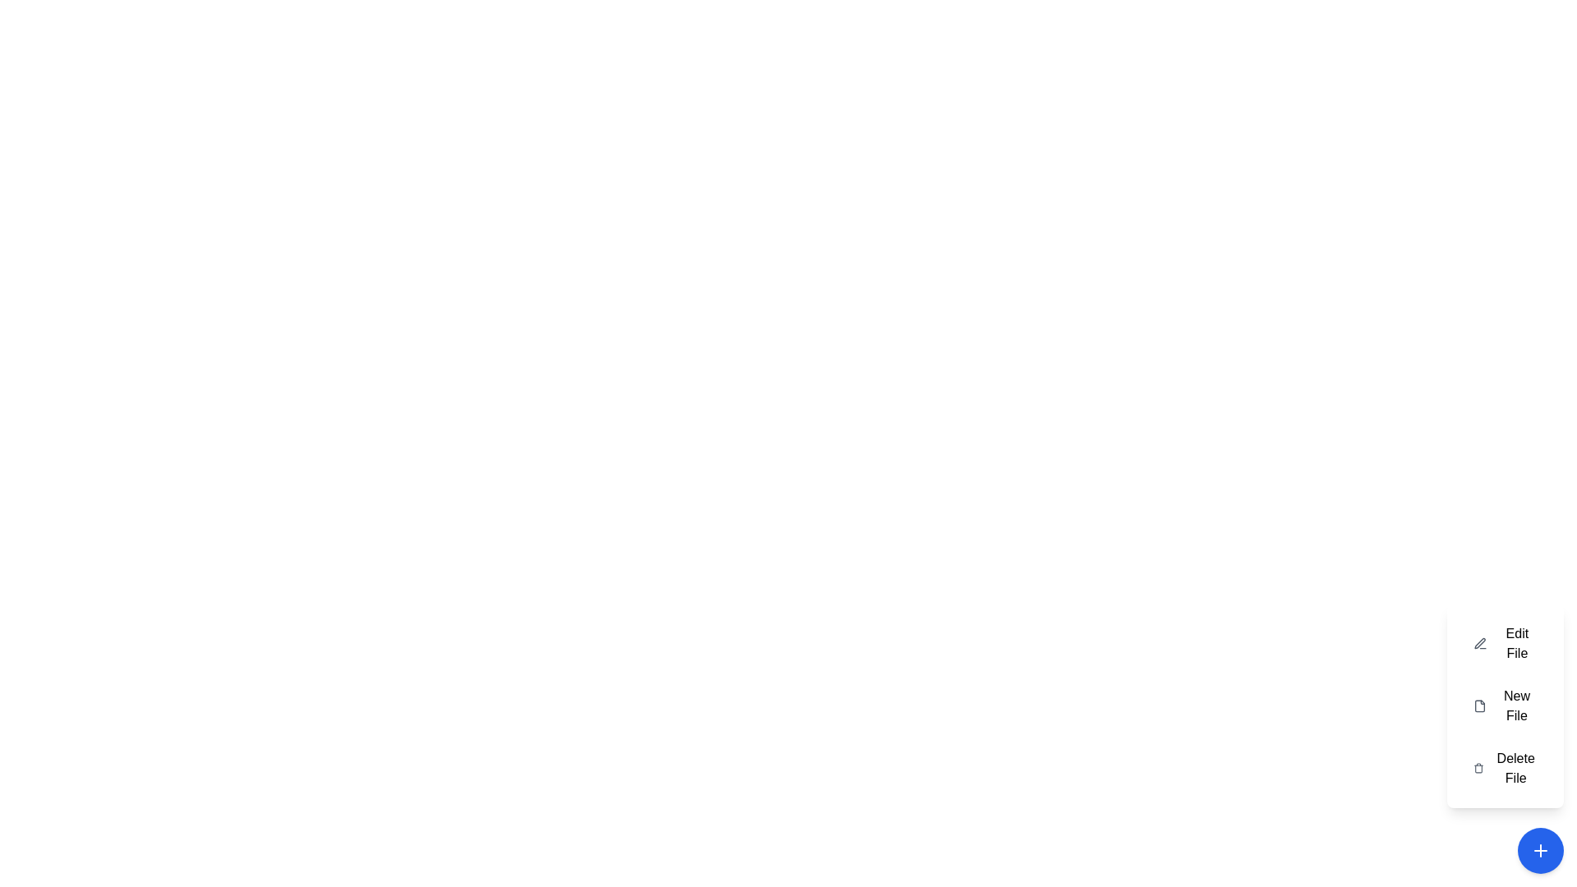  Describe the element at coordinates (1479, 642) in the screenshot. I see `the edit icon located in the bottom-right corner of the interface, above the 'Delete File' option, to initiate an action` at that location.